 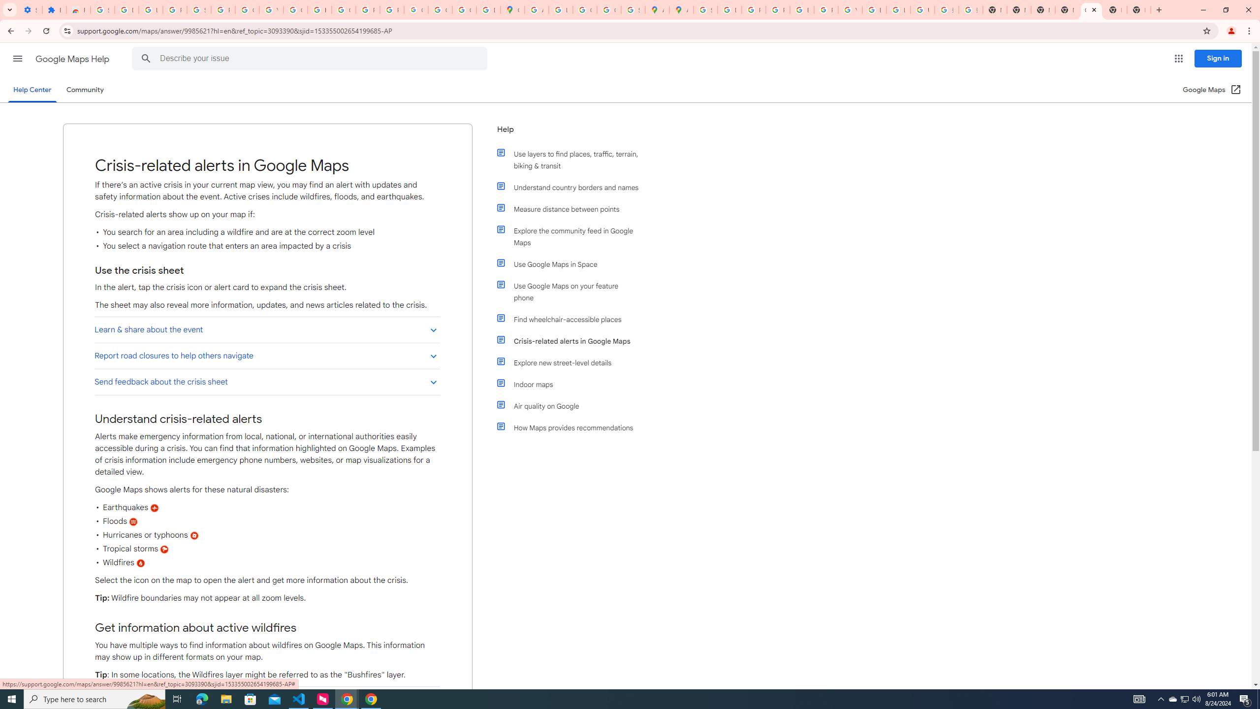 I want to click on 'Explore the community feed in Google Maps', so click(x=572, y=236).